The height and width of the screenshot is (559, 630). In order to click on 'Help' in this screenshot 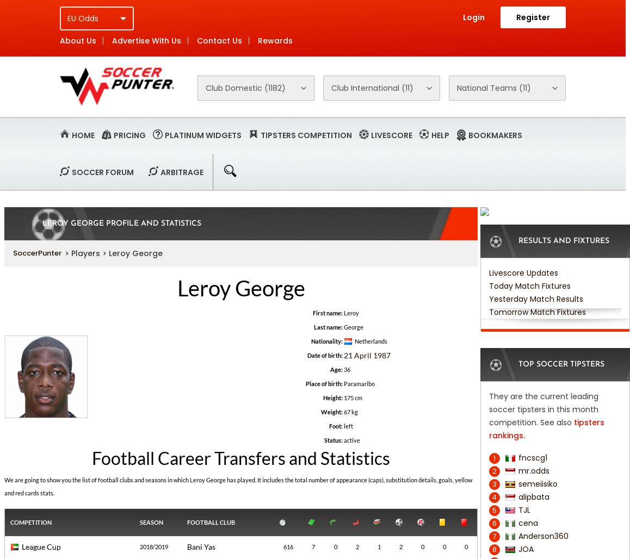, I will do `click(440, 134)`.